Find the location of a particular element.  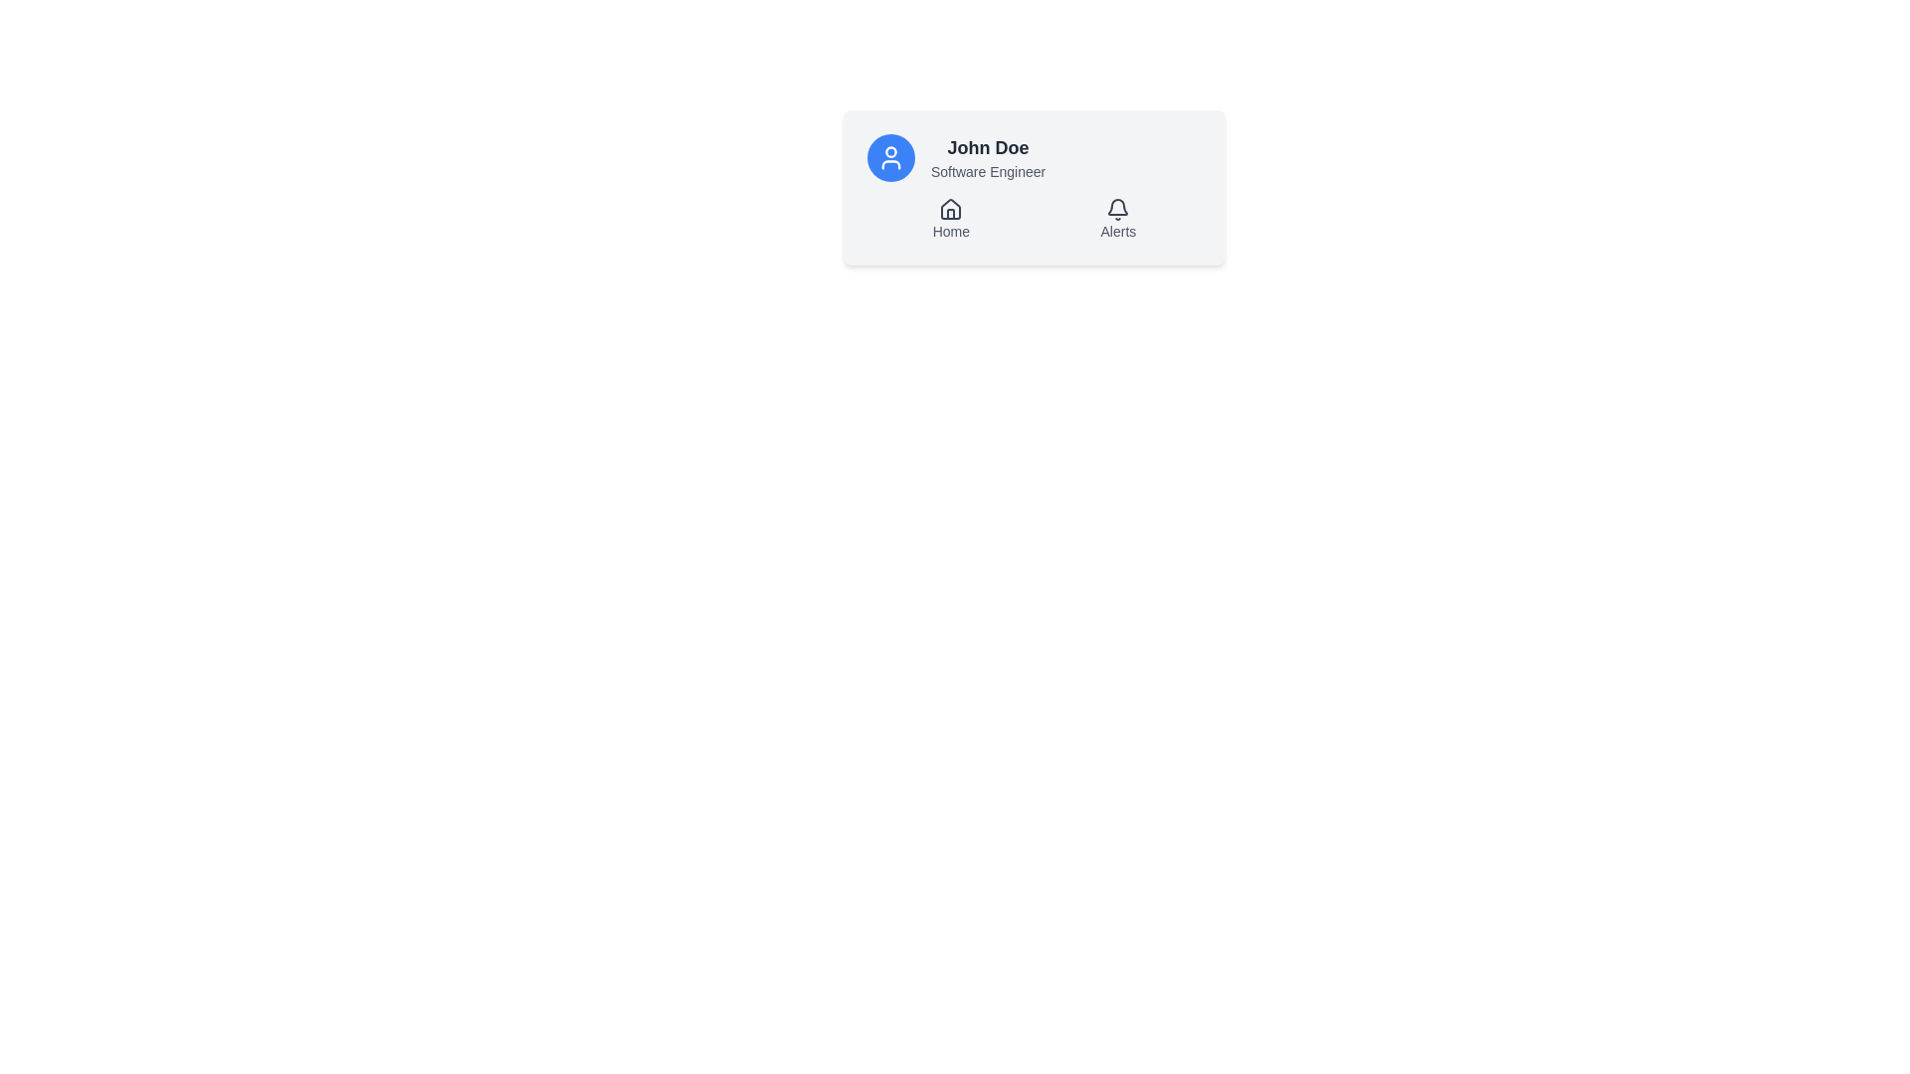

the bell icon in the upper-right corner of the user card is located at coordinates (1118, 210).